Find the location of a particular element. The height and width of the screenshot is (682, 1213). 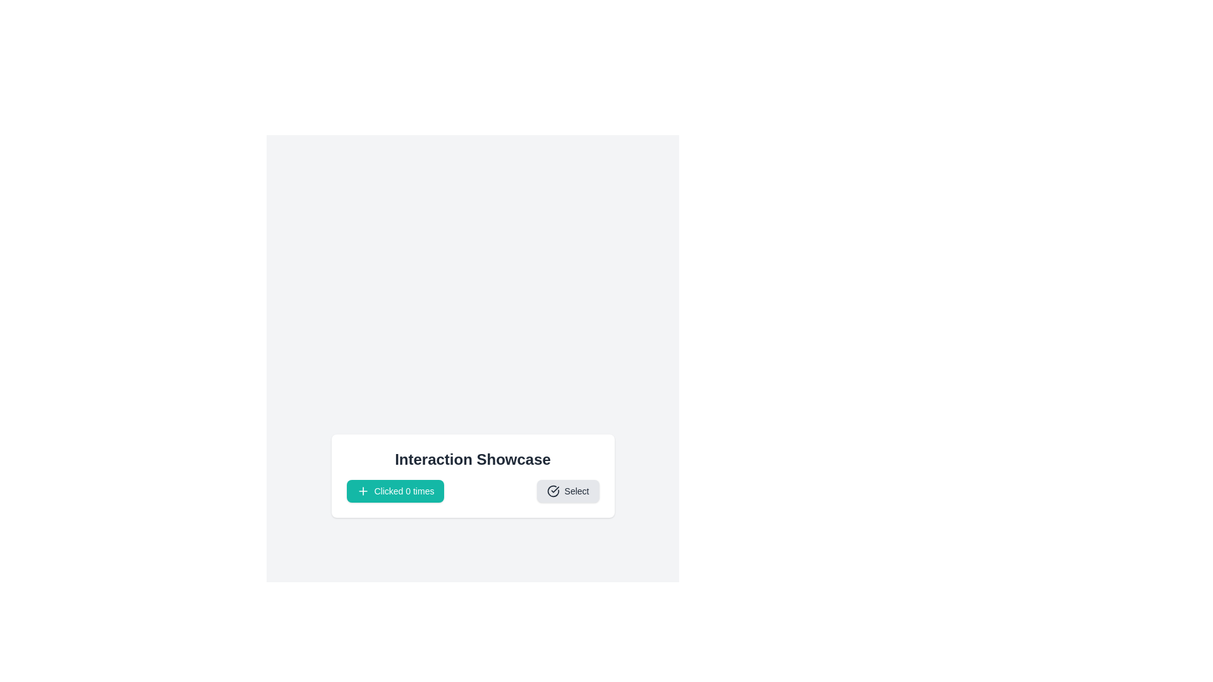

the circular icon with a checkmark inside, which is the first visual component of the 'Select' button is located at coordinates (553, 491).